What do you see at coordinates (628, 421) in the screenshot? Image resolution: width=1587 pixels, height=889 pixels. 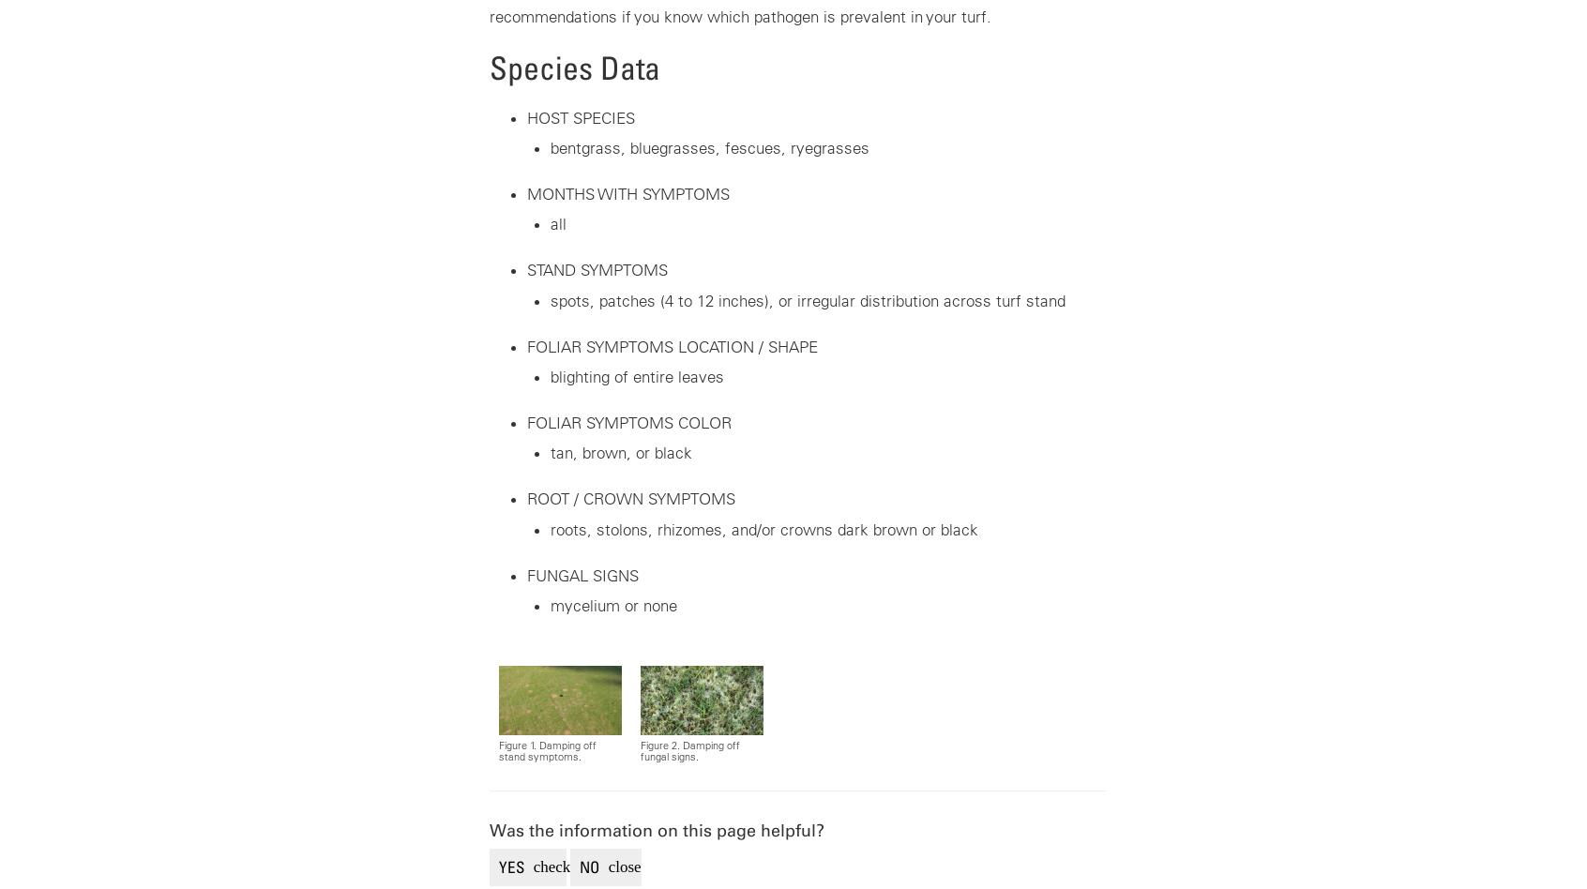 I see `'FOLIAR SYMPTOMS COLOR'` at bounding box center [628, 421].